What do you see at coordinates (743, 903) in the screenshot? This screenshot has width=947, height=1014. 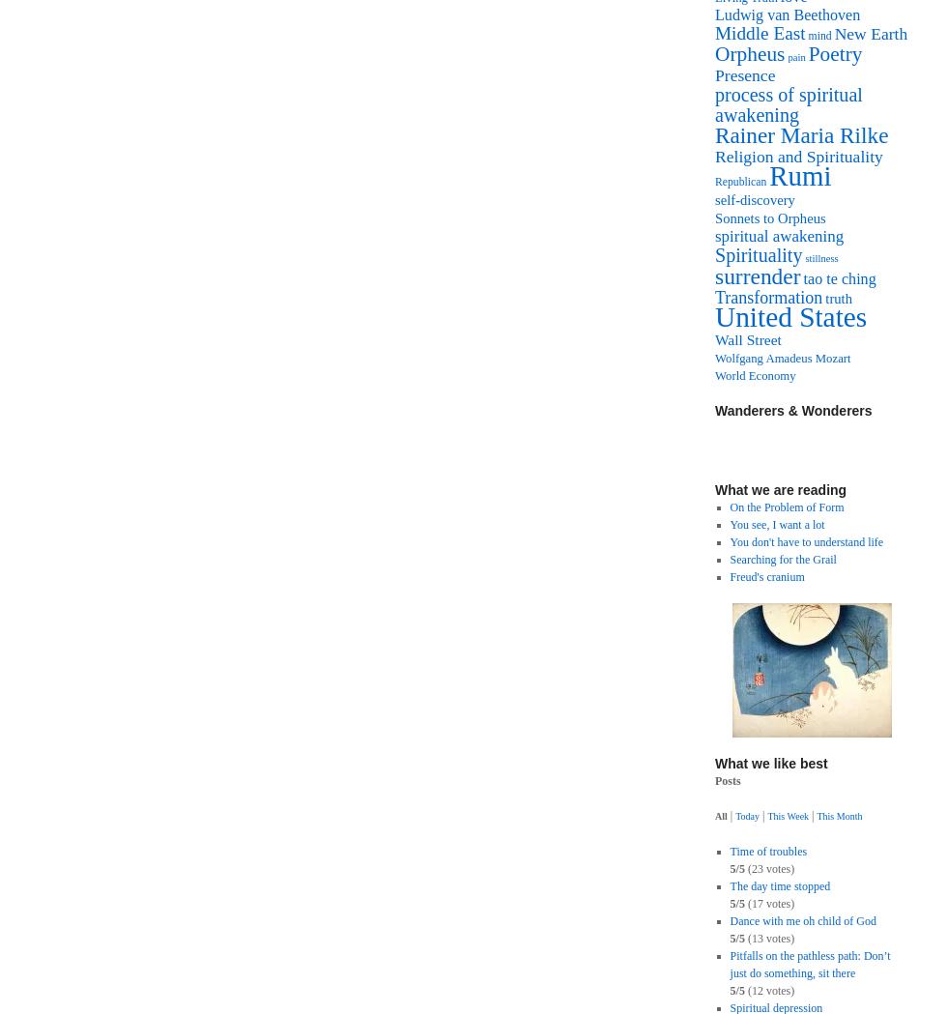 I see `'(17 votes)'` at bounding box center [743, 903].